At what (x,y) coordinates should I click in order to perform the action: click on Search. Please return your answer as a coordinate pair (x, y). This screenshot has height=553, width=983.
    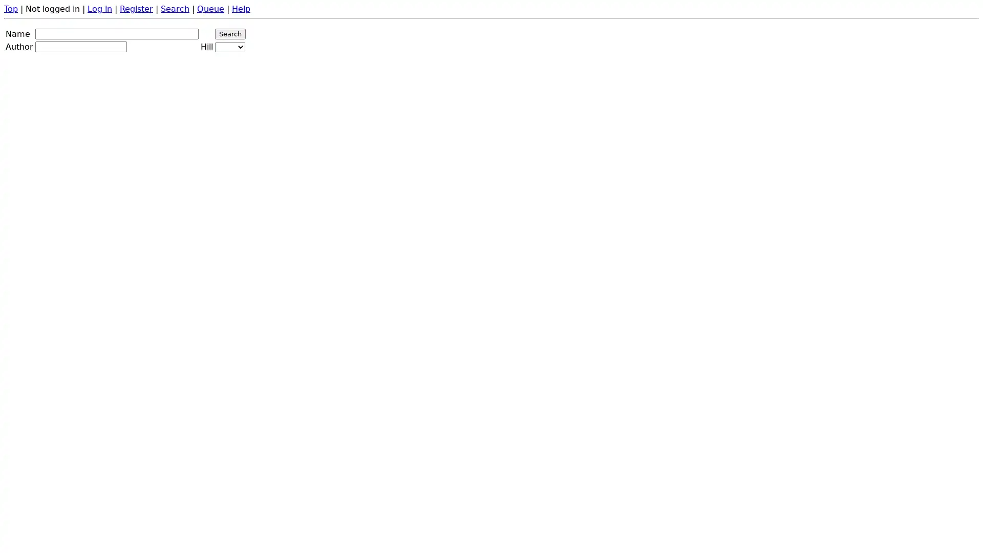
    Looking at the image, I should click on (230, 33).